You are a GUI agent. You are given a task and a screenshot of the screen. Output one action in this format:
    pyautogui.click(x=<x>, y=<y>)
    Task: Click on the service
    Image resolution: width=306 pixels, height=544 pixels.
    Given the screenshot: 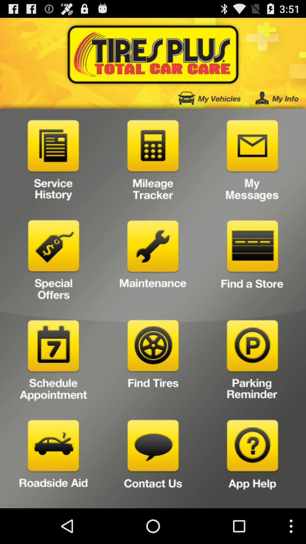 What is the action you would take?
    pyautogui.click(x=54, y=162)
    